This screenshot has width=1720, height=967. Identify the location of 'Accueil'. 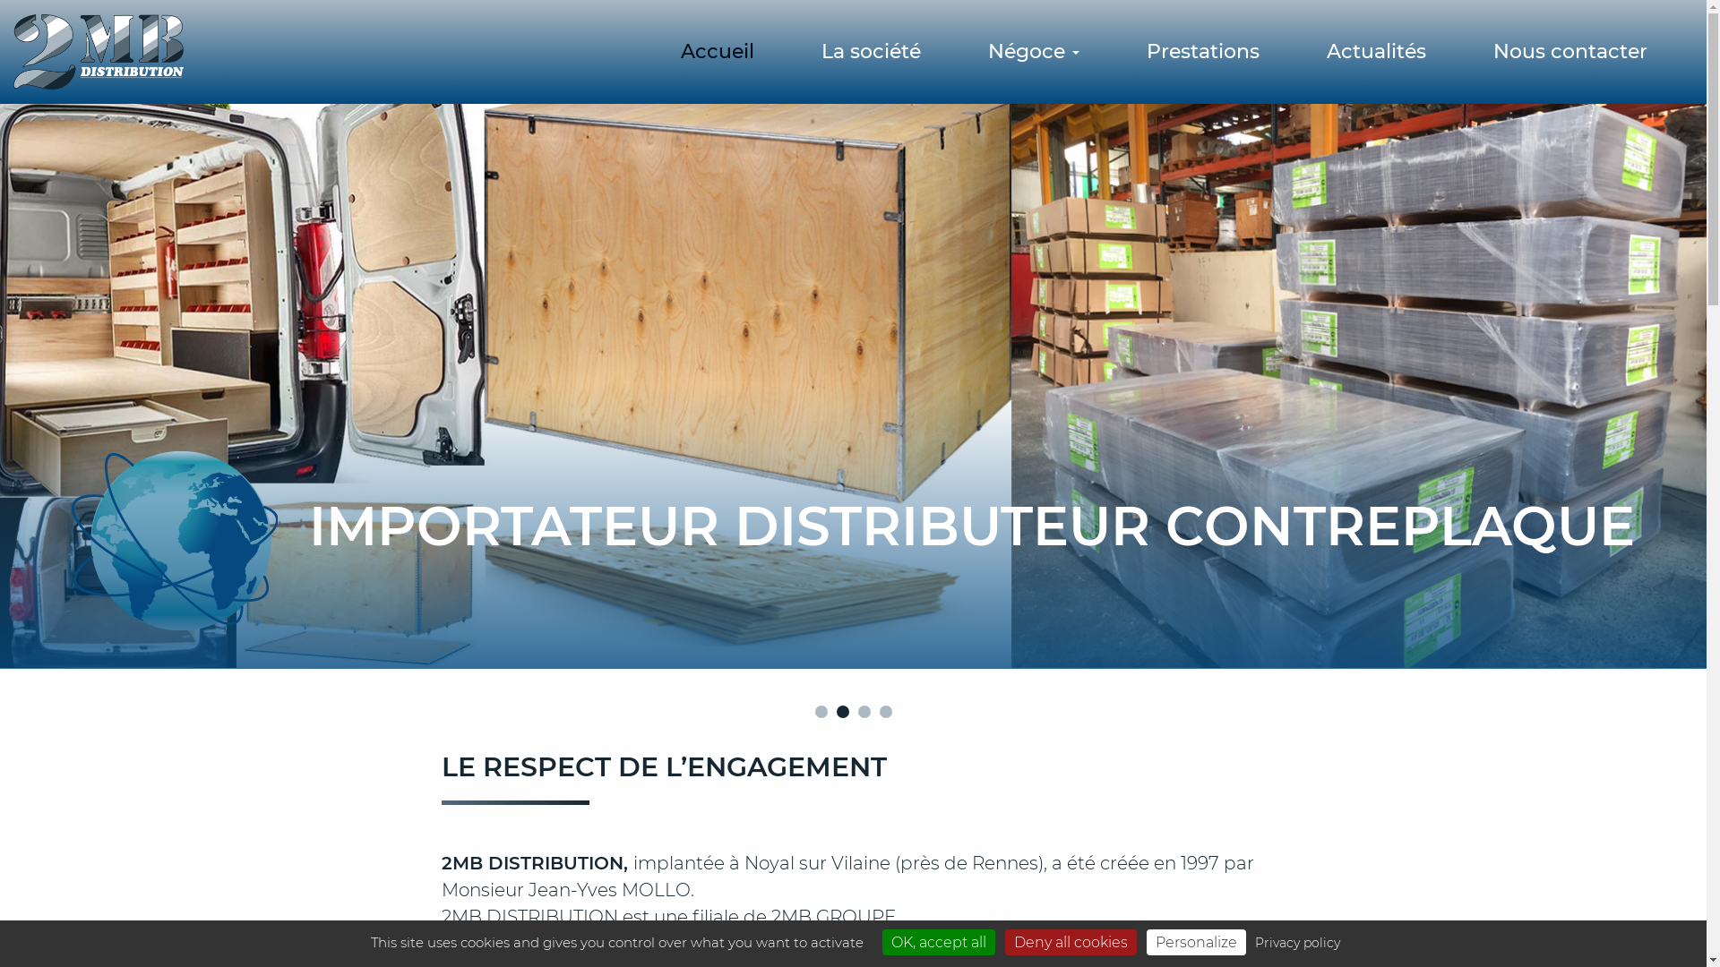
(718, 50).